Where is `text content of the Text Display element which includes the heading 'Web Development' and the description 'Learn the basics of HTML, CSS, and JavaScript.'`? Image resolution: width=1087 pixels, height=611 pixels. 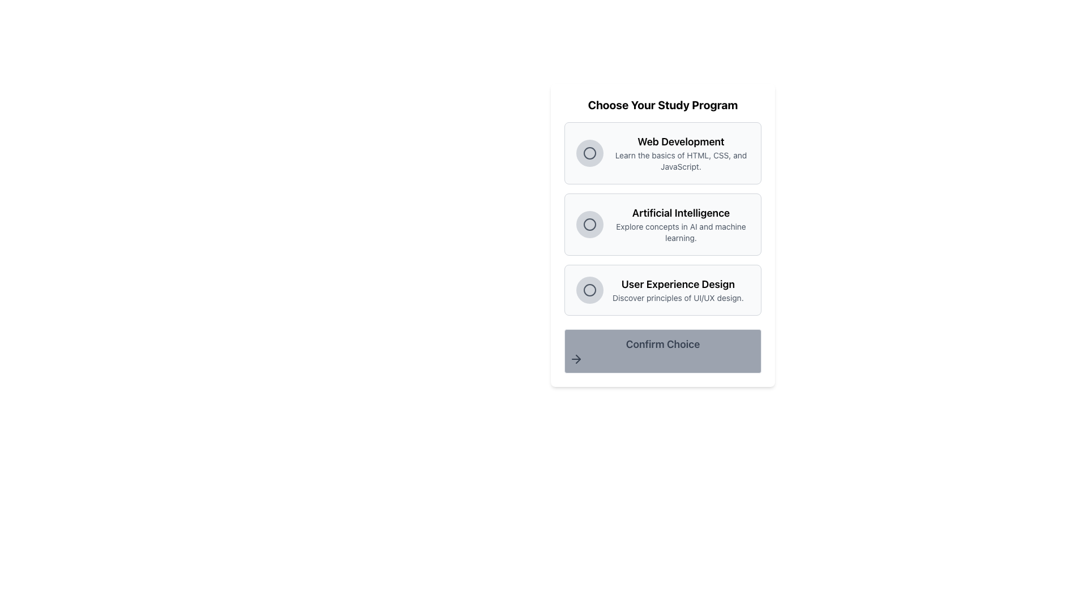
text content of the Text Display element which includes the heading 'Web Development' and the description 'Learn the basics of HTML, CSS, and JavaScript.' is located at coordinates (681, 153).